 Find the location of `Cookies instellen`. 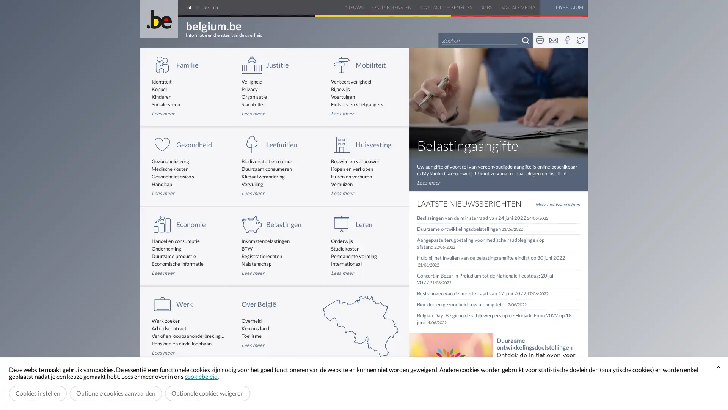

Cookies instellen is located at coordinates (38, 393).